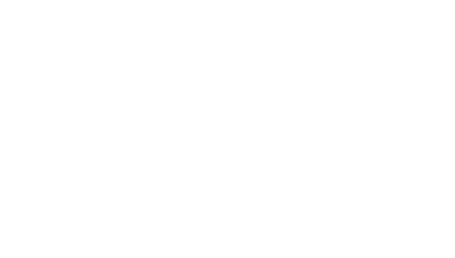  I want to click on 'Audiomovers Binaural Renderer for Apple Music Plug-In Debuts', so click(150, 109).